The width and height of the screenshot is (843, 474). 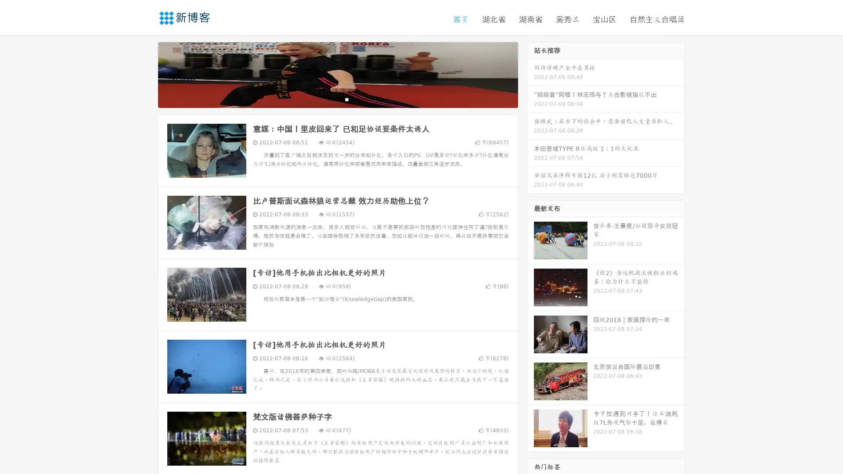 What do you see at coordinates (145, 74) in the screenshot?
I see `Previous slide` at bounding box center [145, 74].